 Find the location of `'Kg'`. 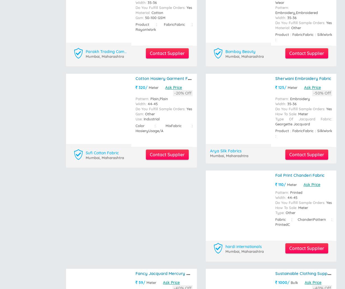

'Kg' is located at coordinates (291, 156).